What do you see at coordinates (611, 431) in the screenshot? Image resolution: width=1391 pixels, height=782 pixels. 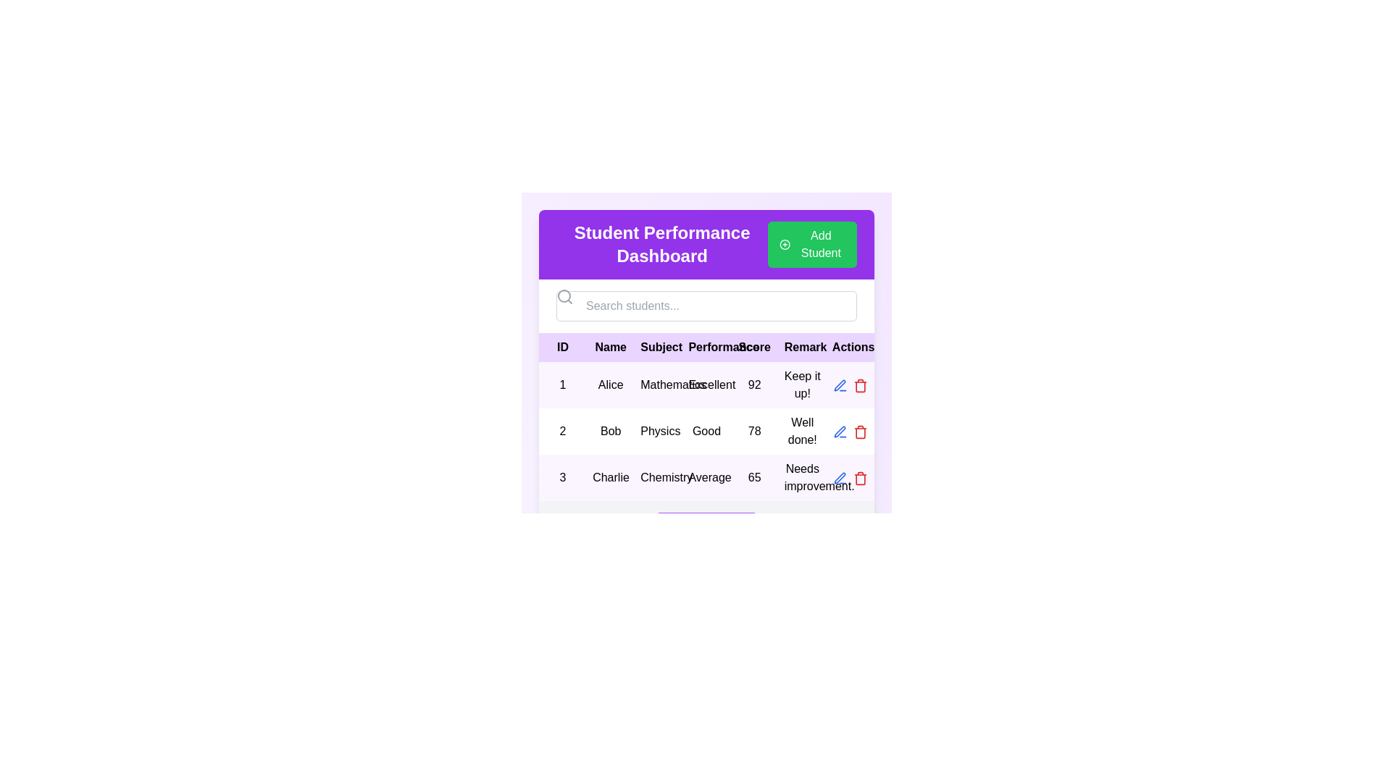 I see `the text label displaying 'Bob' in the second data row of the table under the 'Name' column, which is located between the 'ID' and 'Subject' columns` at bounding box center [611, 431].